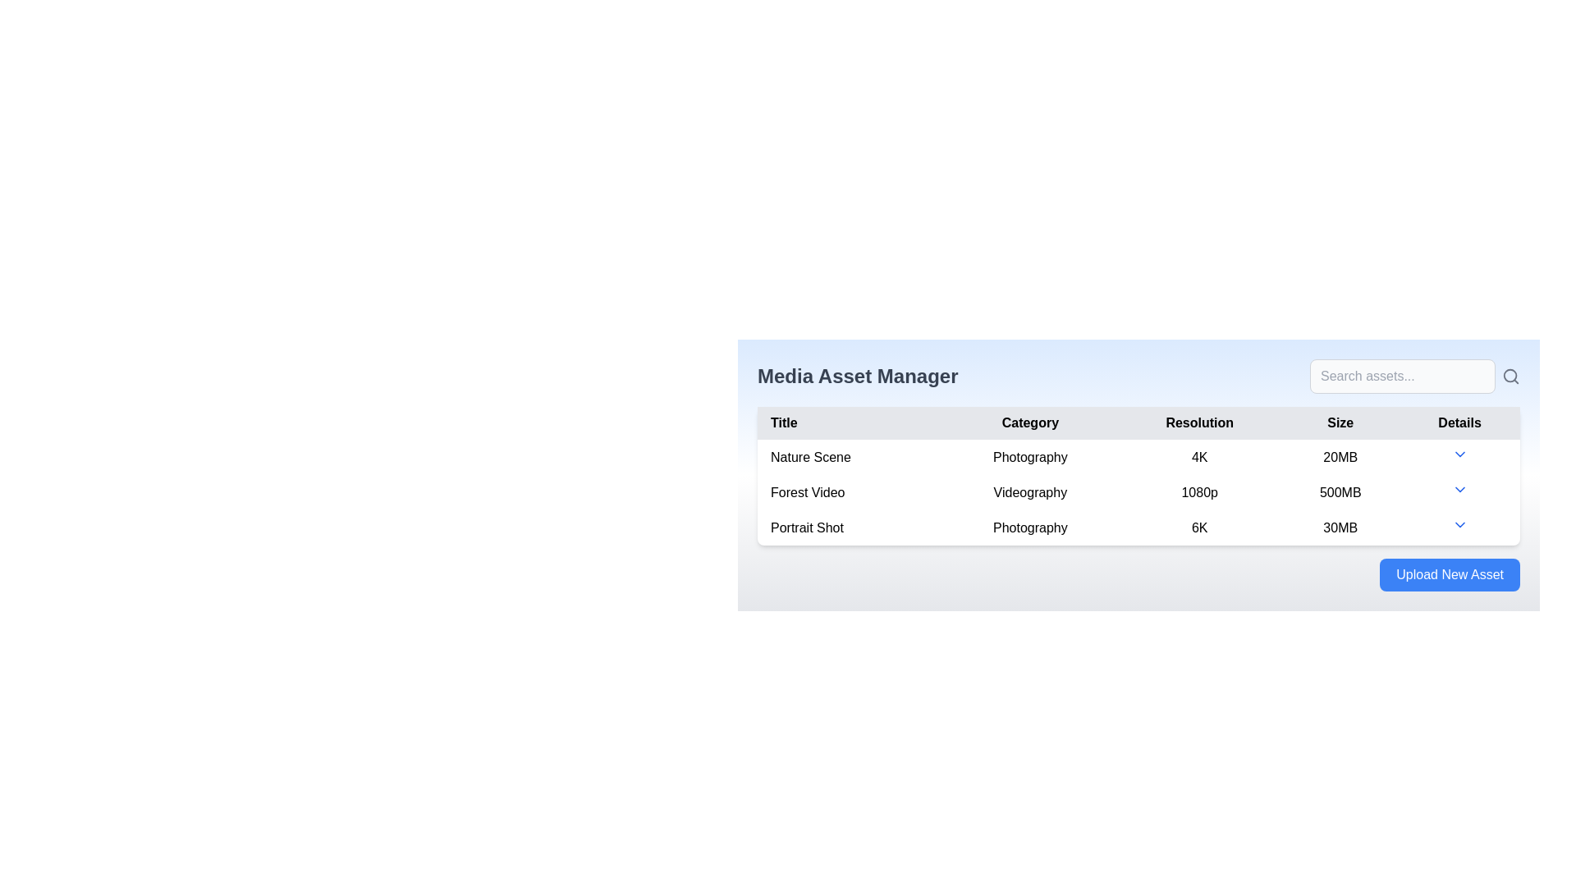 The height and width of the screenshot is (886, 1576). What do you see at coordinates (1459, 527) in the screenshot?
I see `the downwards-facing blue arrow icon in the 'Details' column of the third row` at bounding box center [1459, 527].